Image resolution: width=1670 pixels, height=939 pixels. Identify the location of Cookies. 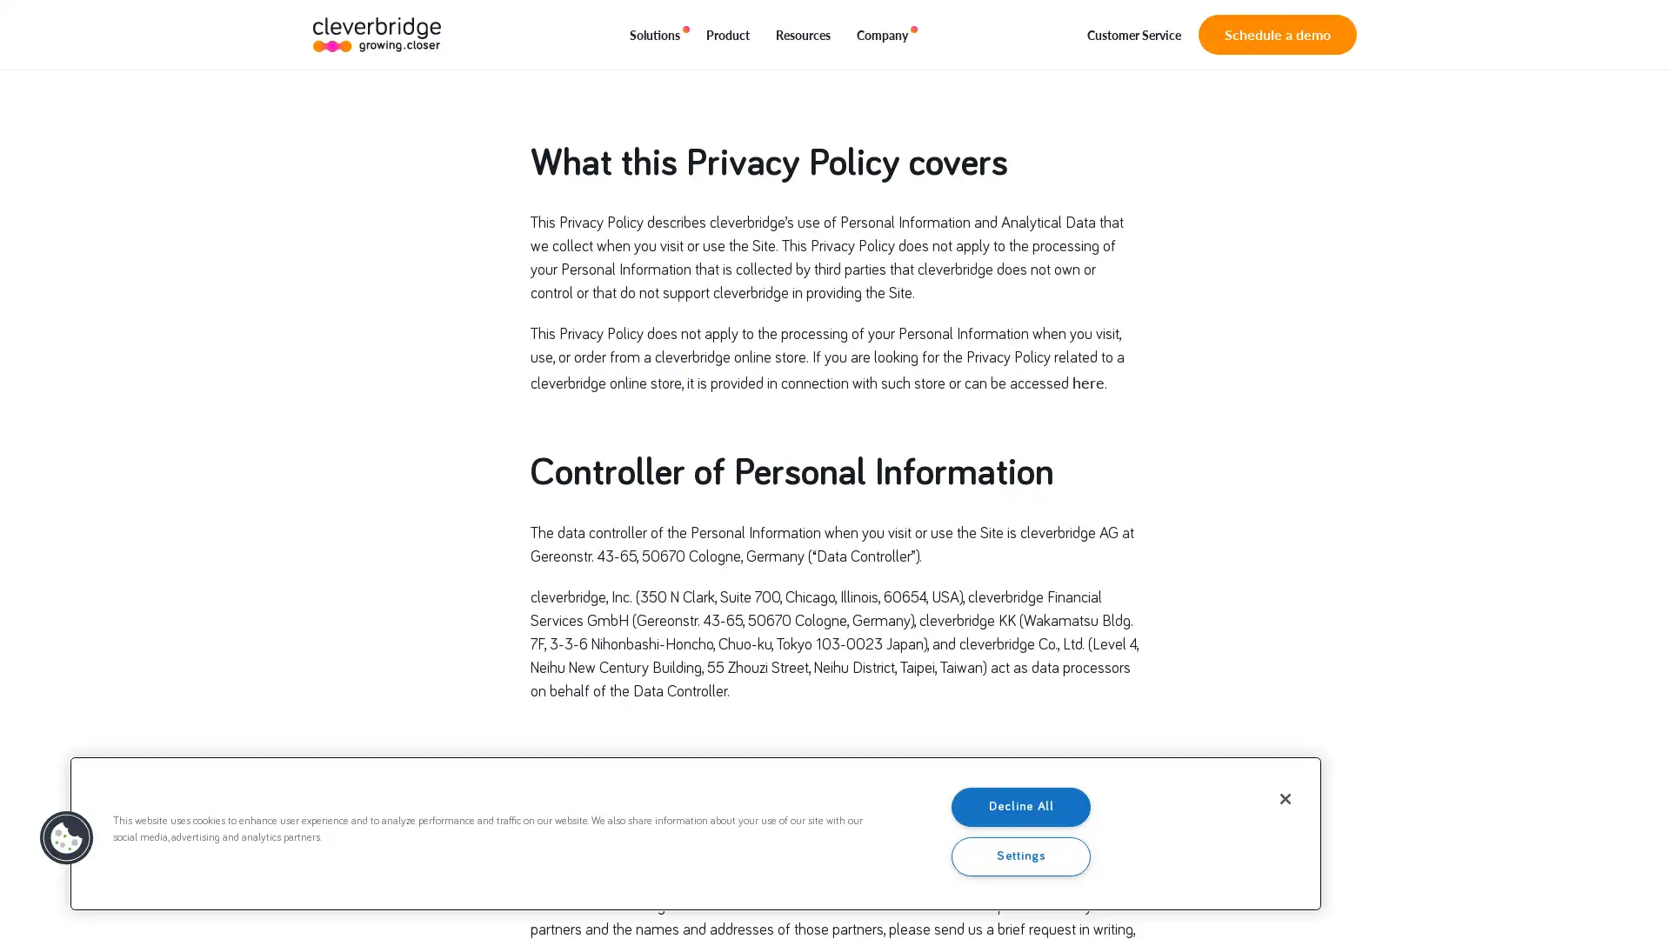
(66, 837).